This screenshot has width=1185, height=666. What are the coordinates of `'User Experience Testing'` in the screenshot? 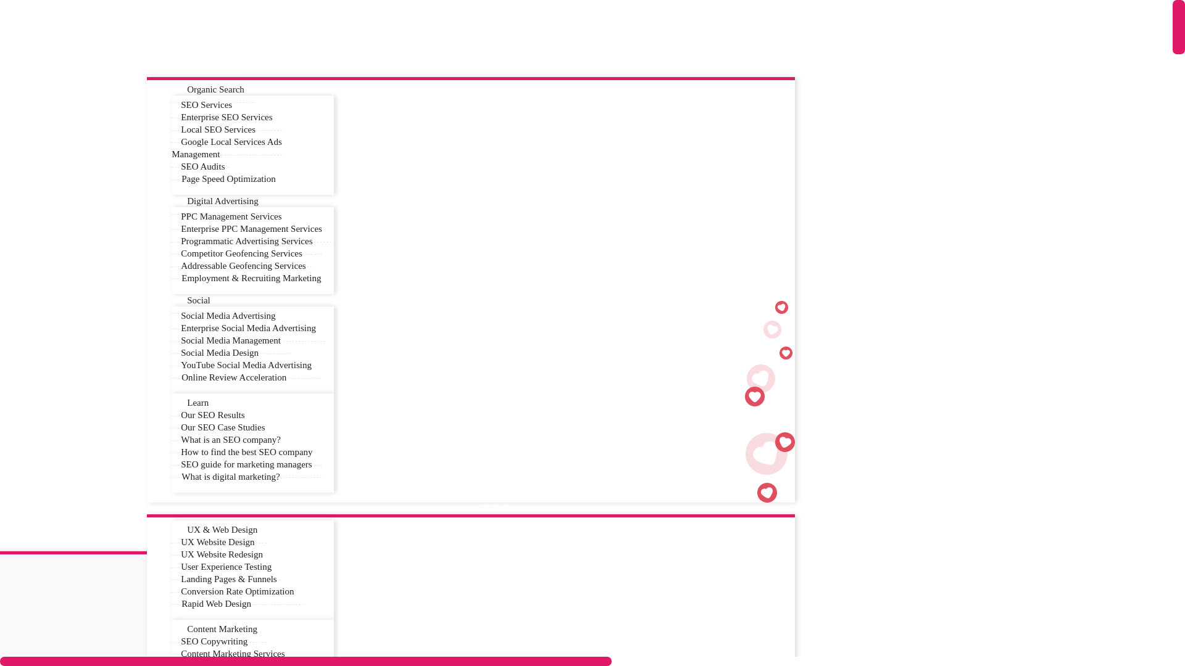 It's located at (226, 567).